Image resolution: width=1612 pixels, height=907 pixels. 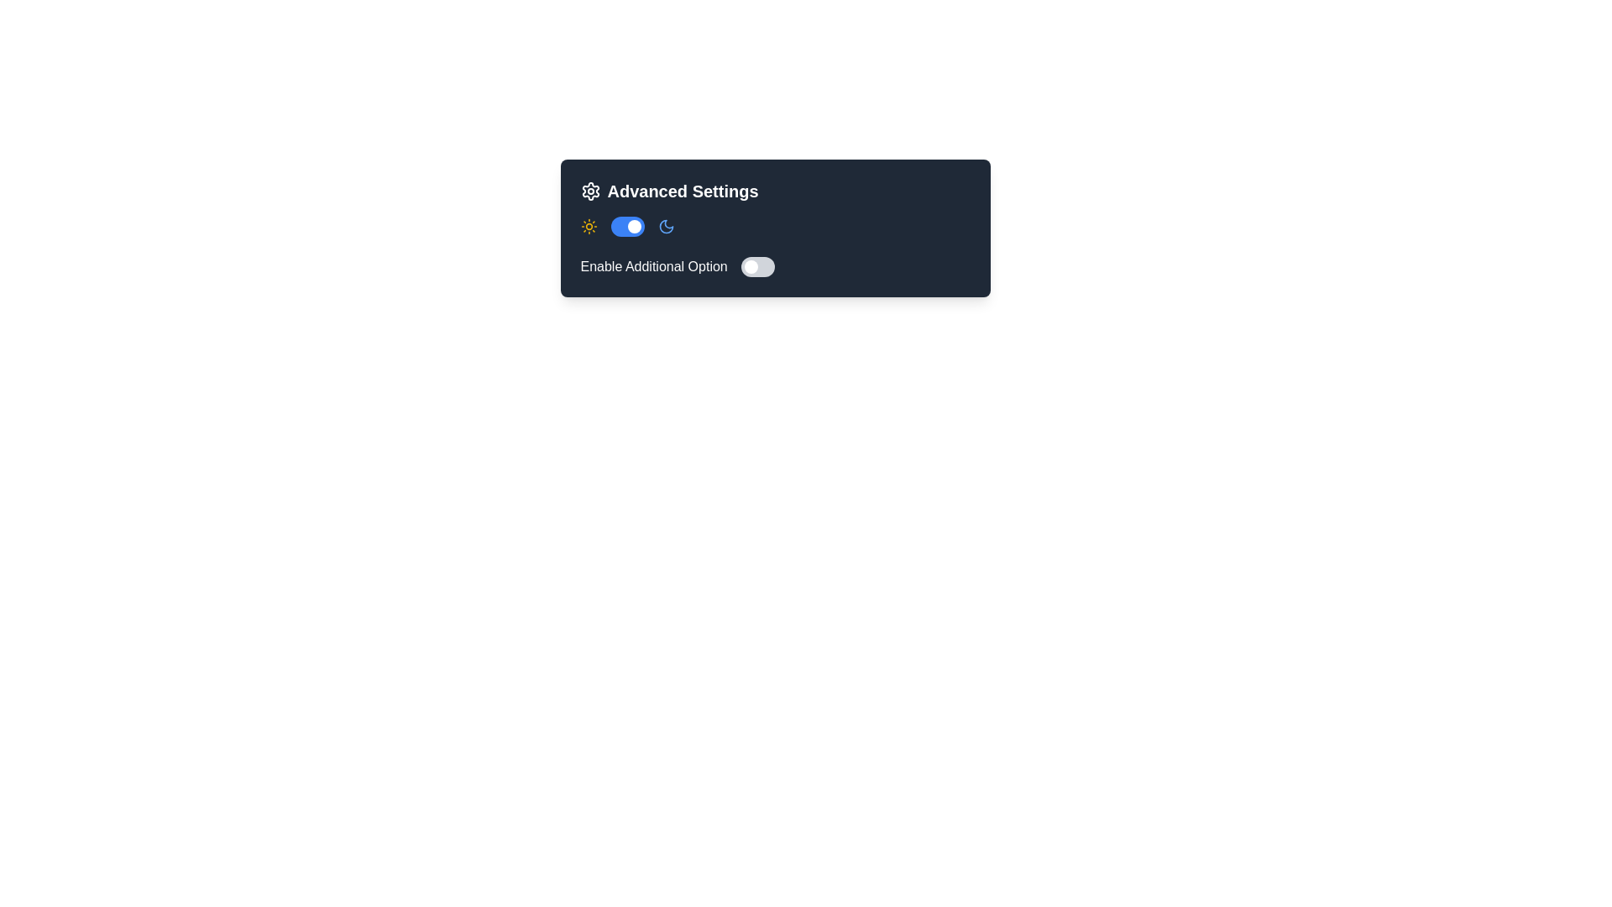 I want to click on the icon located on the left side of the 'Advanced Settings' grouping, which serves as a button, so click(x=590, y=190).